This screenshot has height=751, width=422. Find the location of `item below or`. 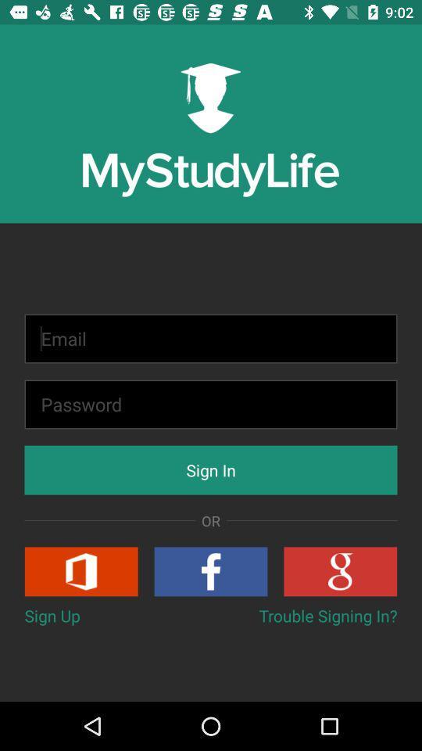

item below or is located at coordinates (211, 570).